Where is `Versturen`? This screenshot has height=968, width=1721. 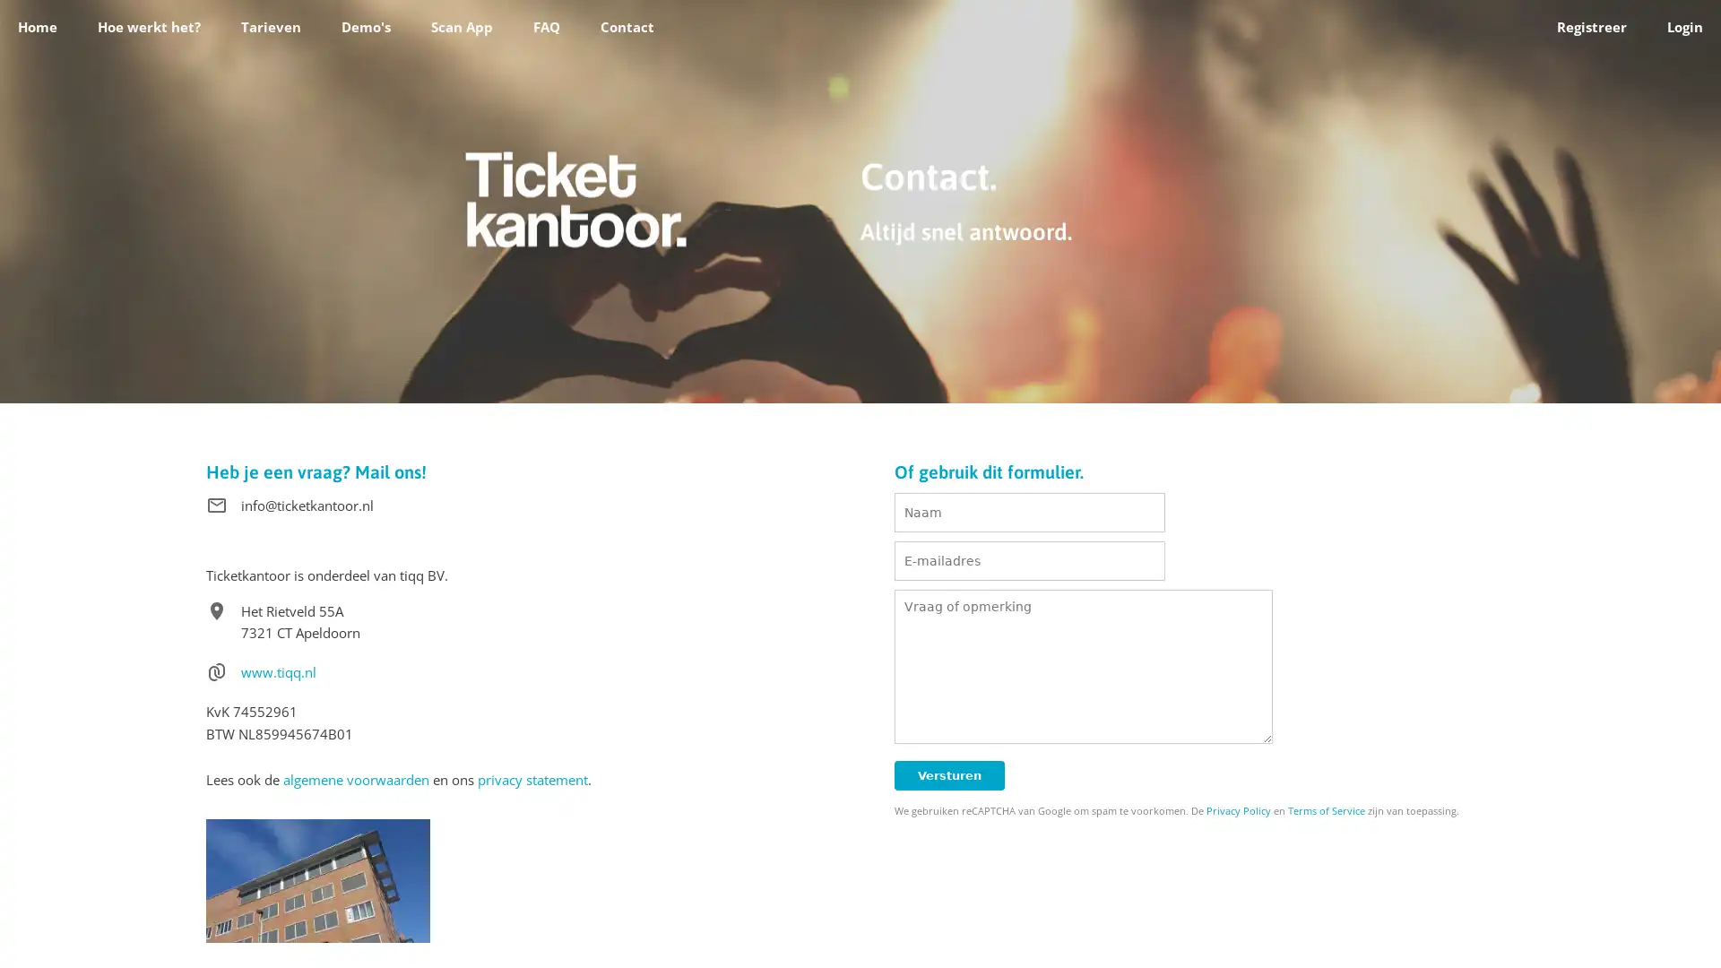
Versturen is located at coordinates (948, 774).